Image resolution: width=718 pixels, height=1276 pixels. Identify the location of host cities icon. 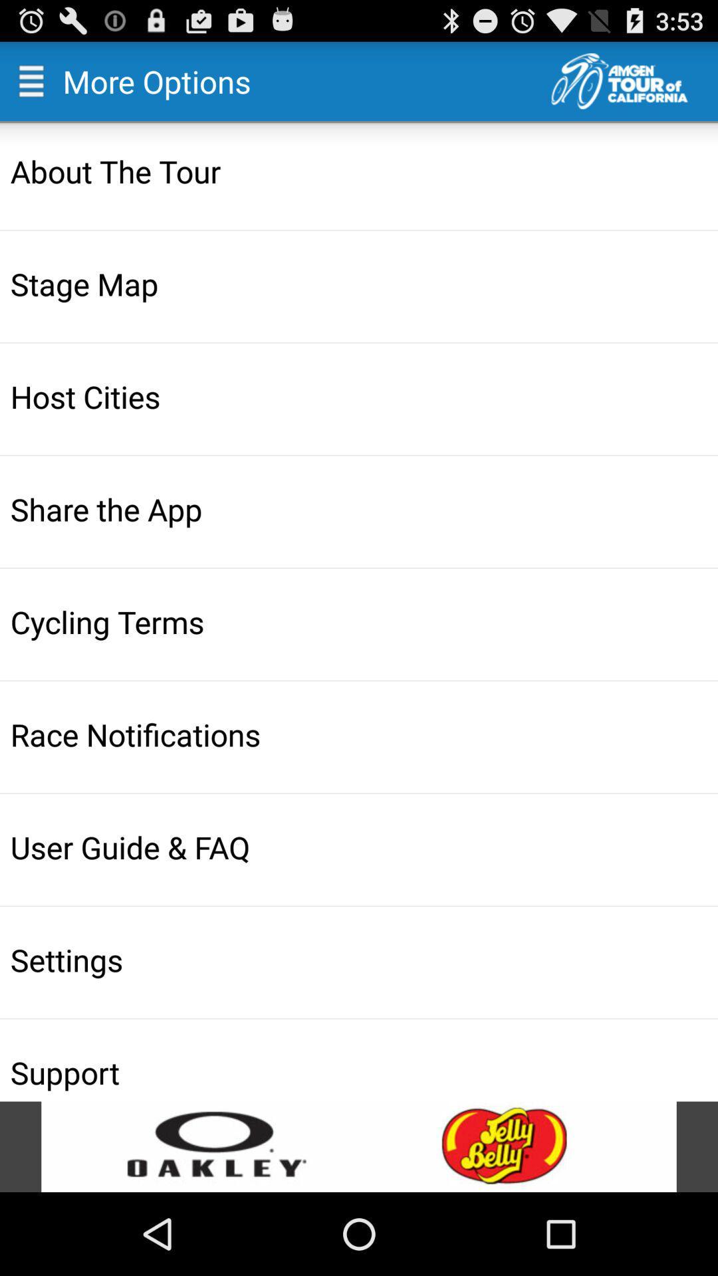
(360, 395).